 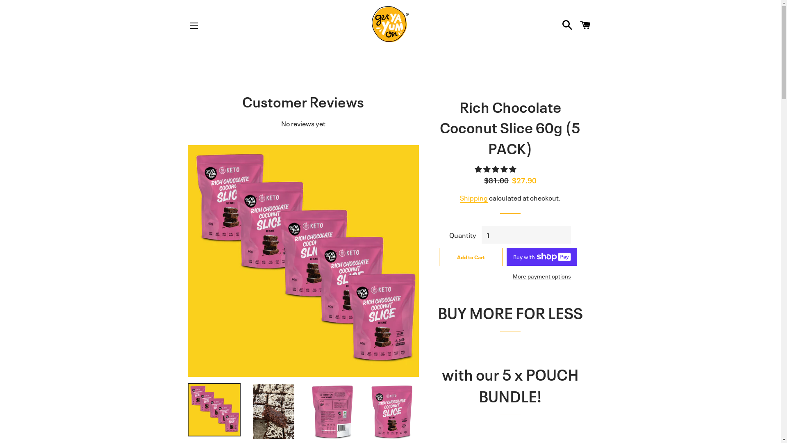 What do you see at coordinates (471, 256) in the screenshot?
I see `'Add to Cart'` at bounding box center [471, 256].